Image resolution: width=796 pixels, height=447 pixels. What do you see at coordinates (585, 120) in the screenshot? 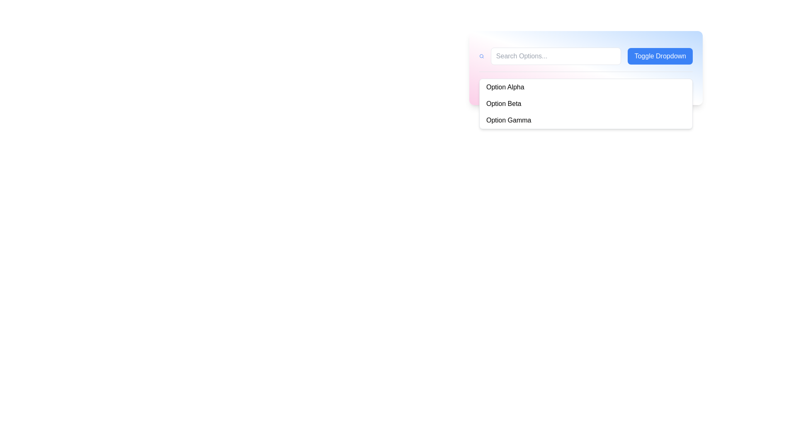
I see `the interactive button in the dropdown menu that selects 'Option Gamma'` at bounding box center [585, 120].